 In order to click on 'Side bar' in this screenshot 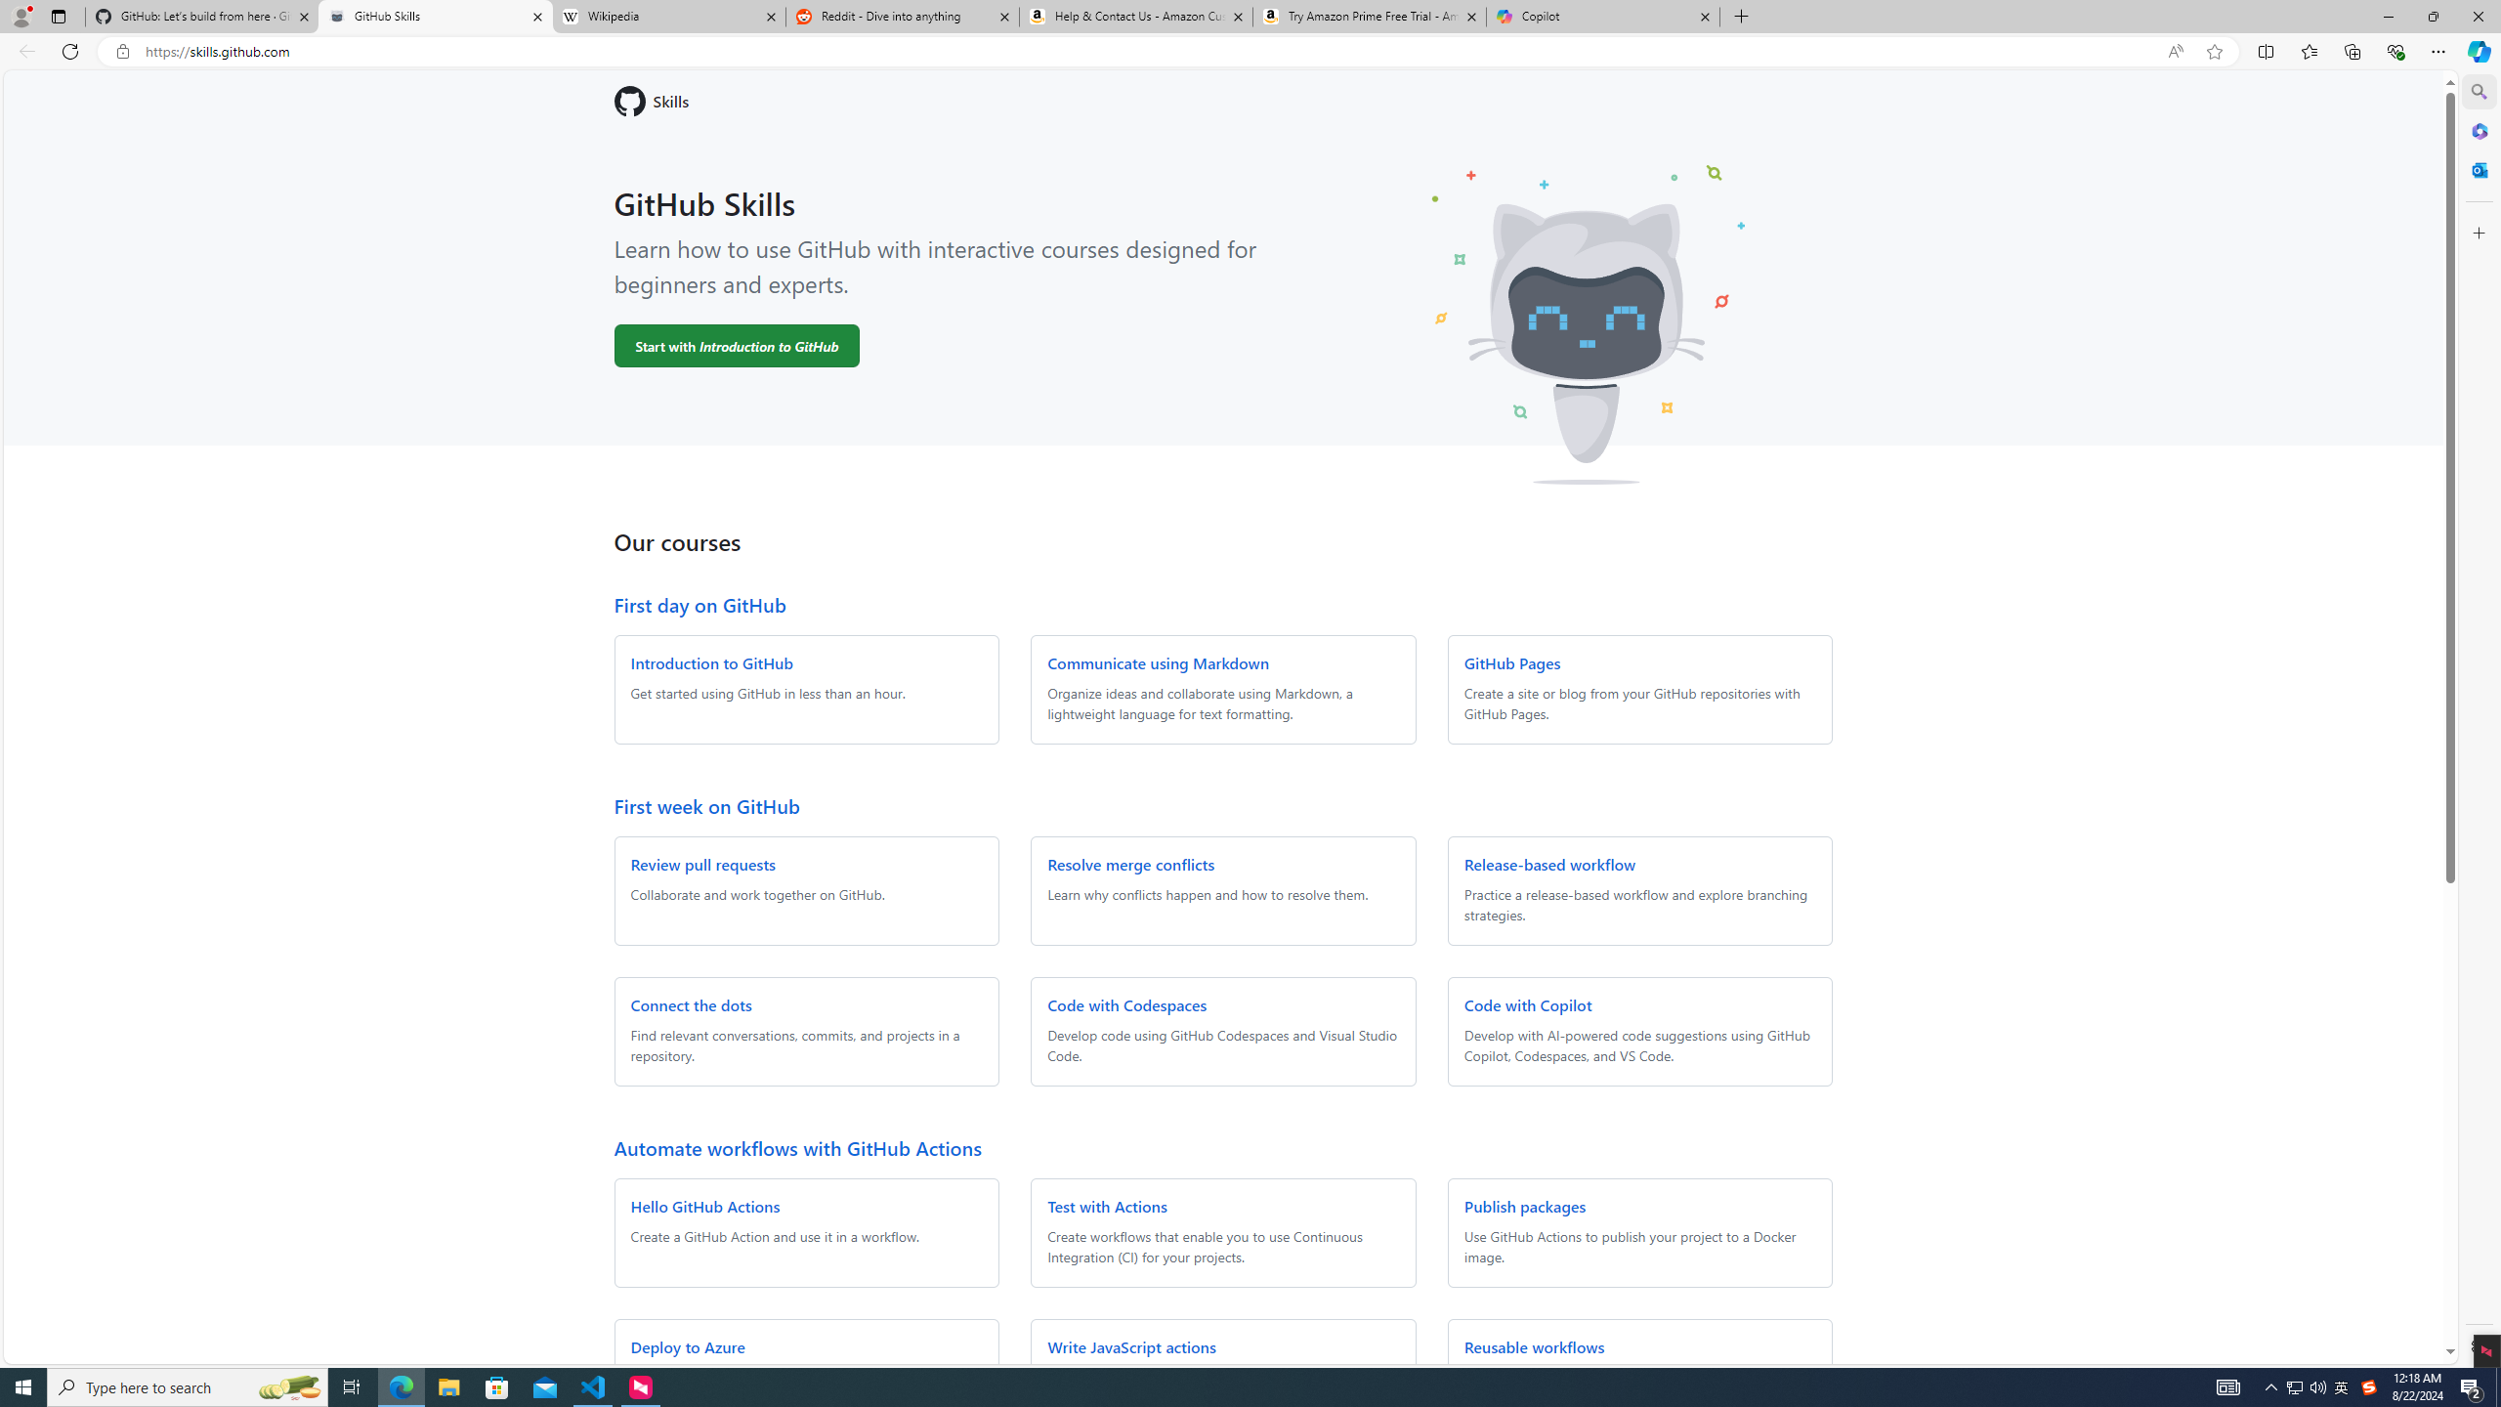, I will do `click(2479, 718)`.